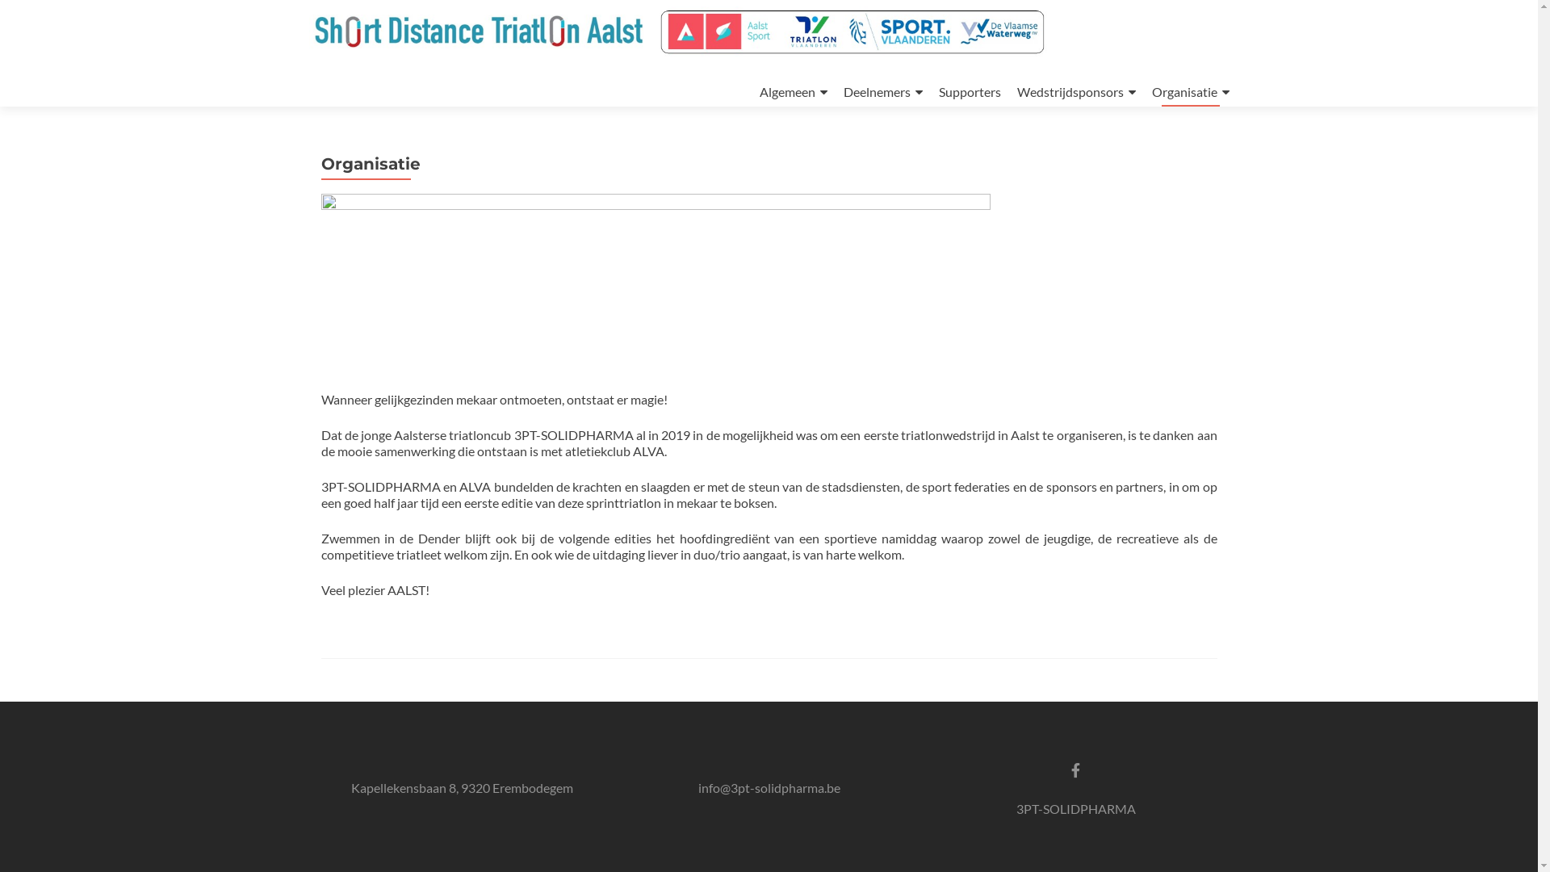 This screenshot has height=872, width=1550. What do you see at coordinates (882, 92) in the screenshot?
I see `'Deelnemers'` at bounding box center [882, 92].